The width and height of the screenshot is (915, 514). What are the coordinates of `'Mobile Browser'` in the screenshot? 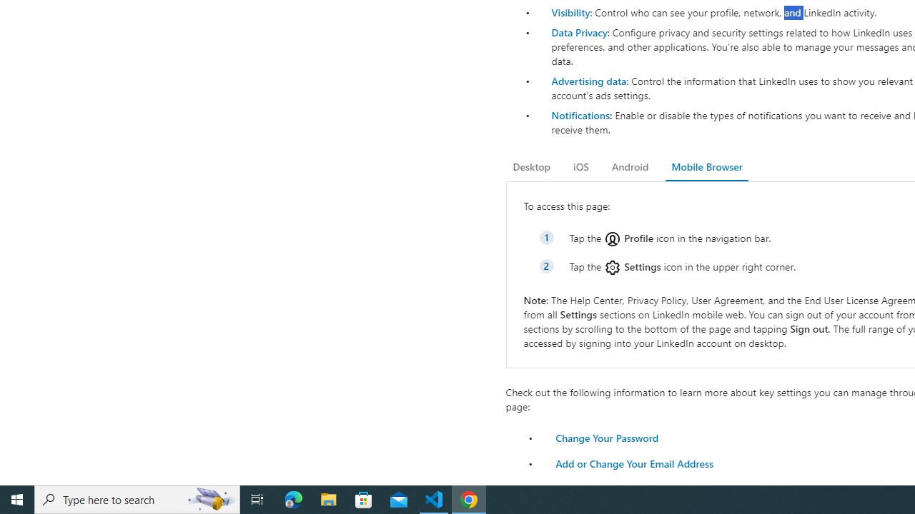 It's located at (706, 166).